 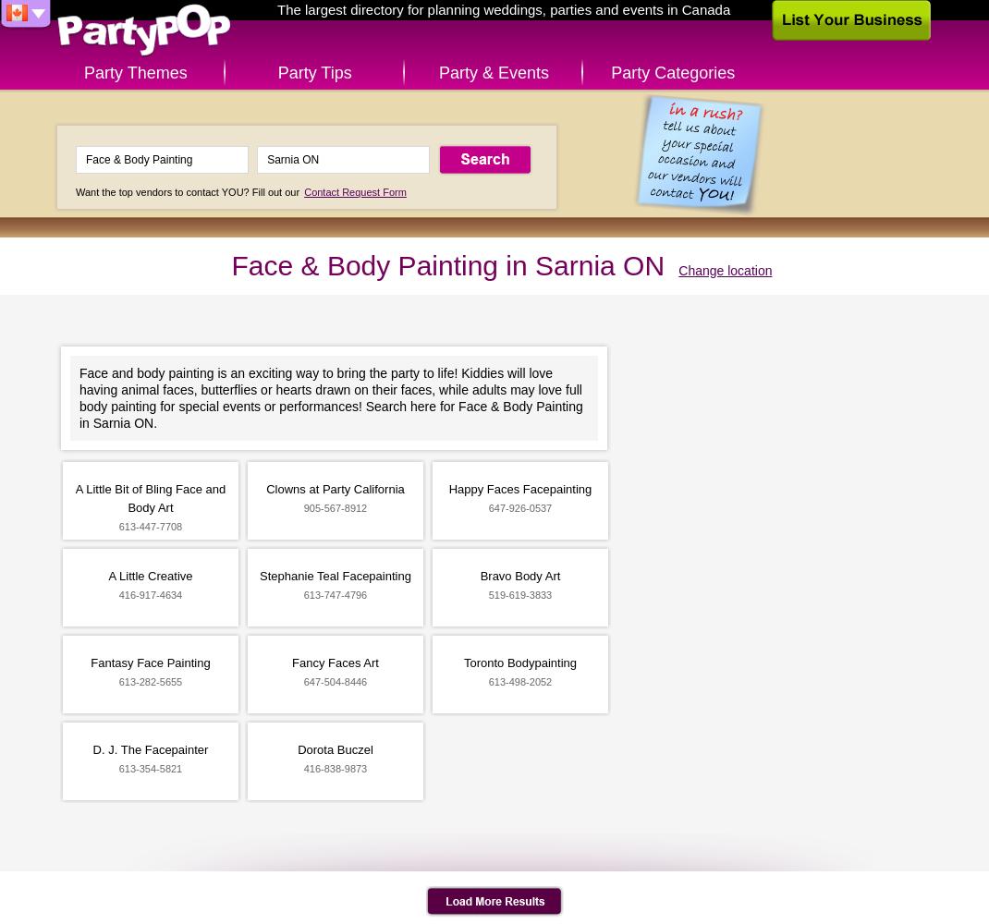 I want to click on 'Fantasy Face Painting', so click(x=91, y=662).